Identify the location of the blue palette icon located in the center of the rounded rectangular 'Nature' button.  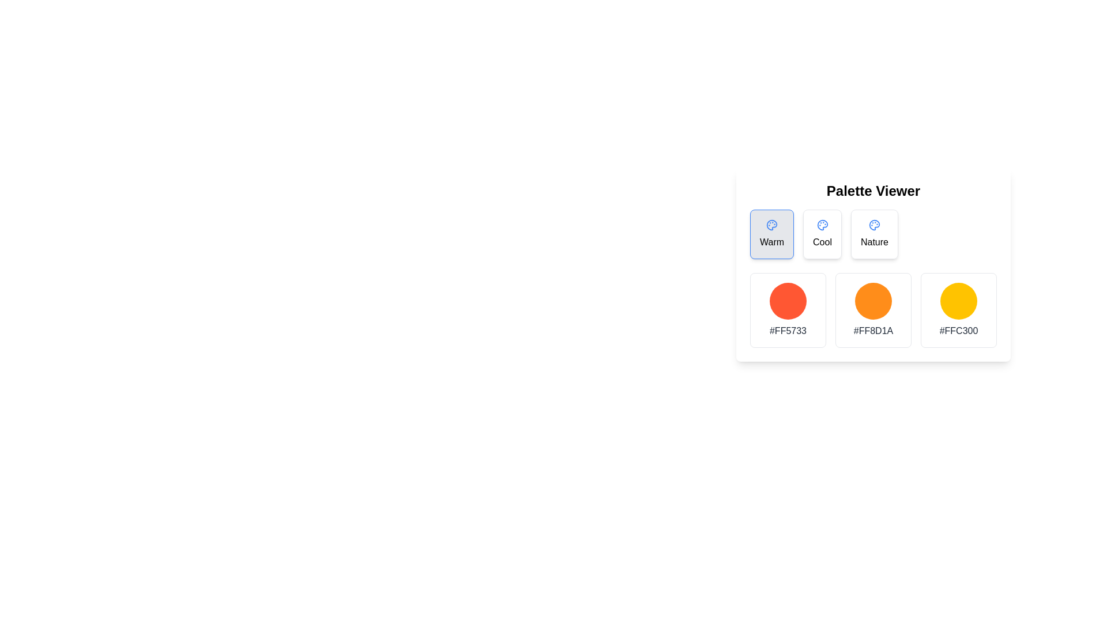
(874, 225).